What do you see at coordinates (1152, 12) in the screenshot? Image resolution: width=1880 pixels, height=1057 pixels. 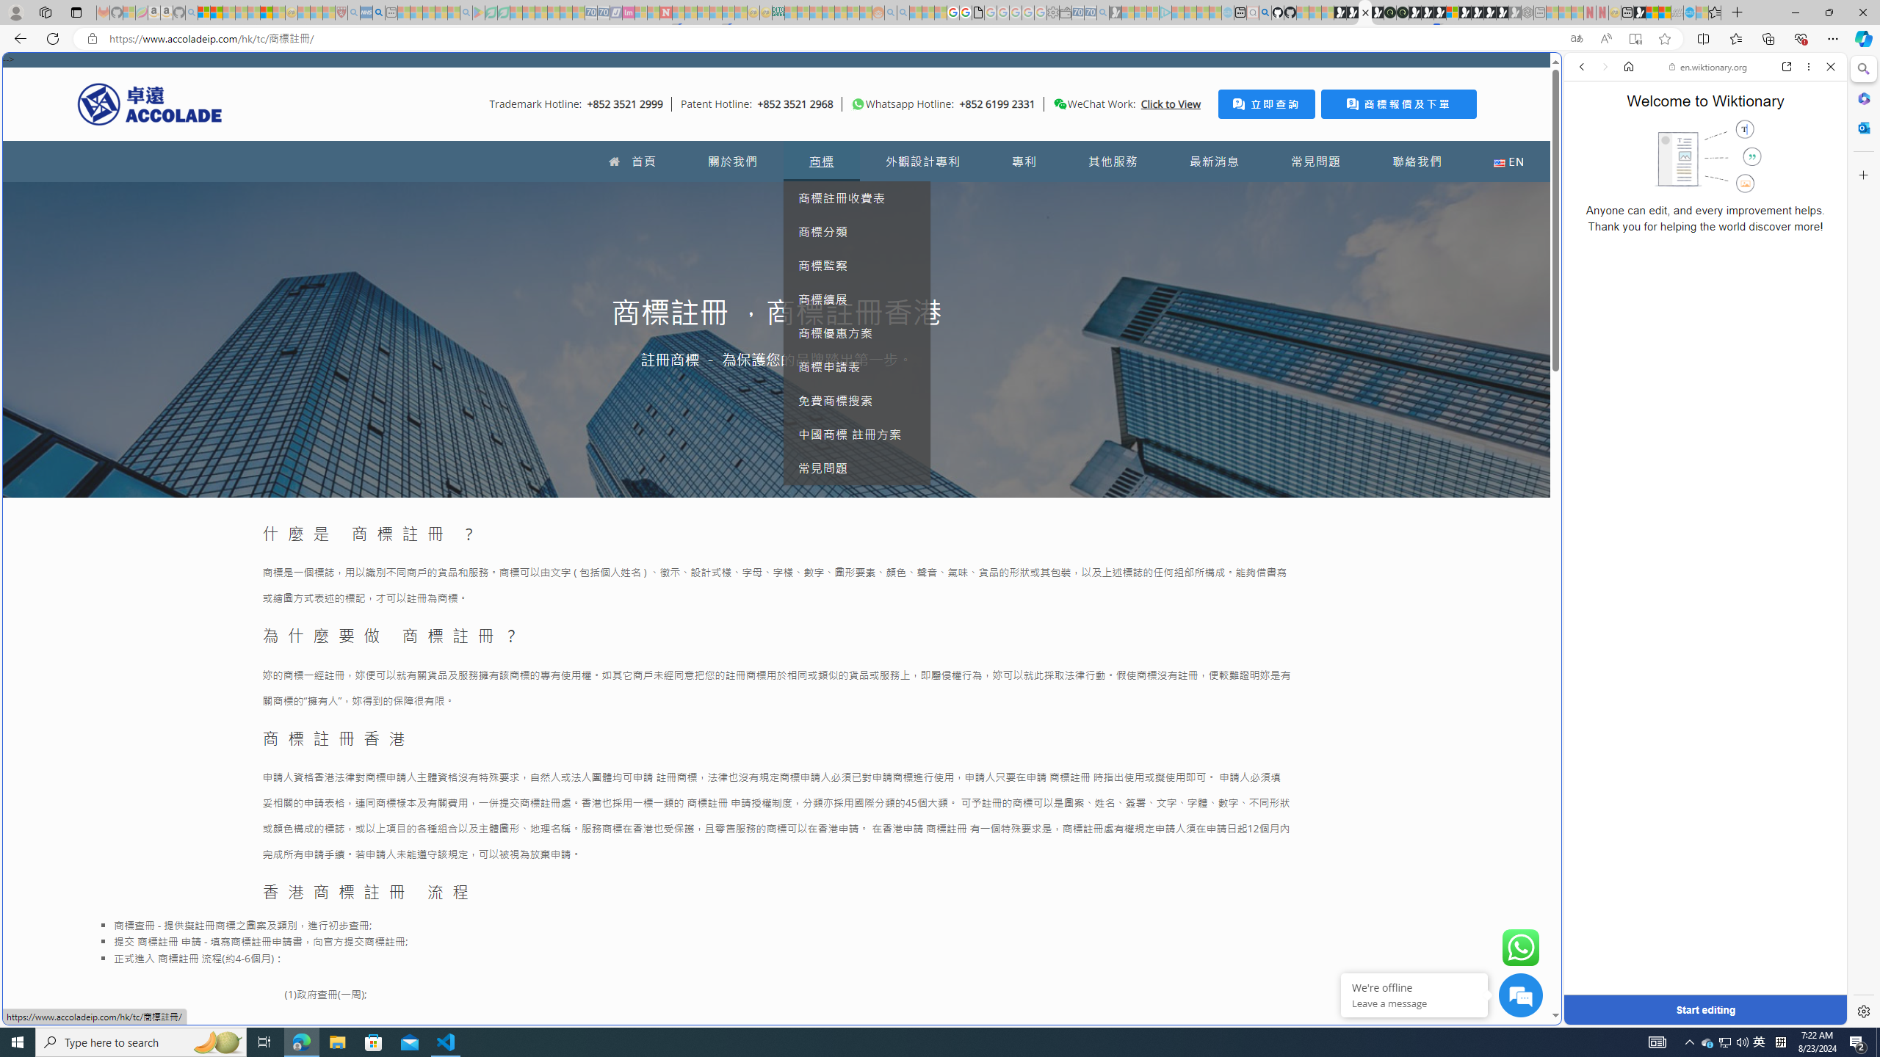 I see `'Microsoft account | Privacy - Sleeping'` at bounding box center [1152, 12].